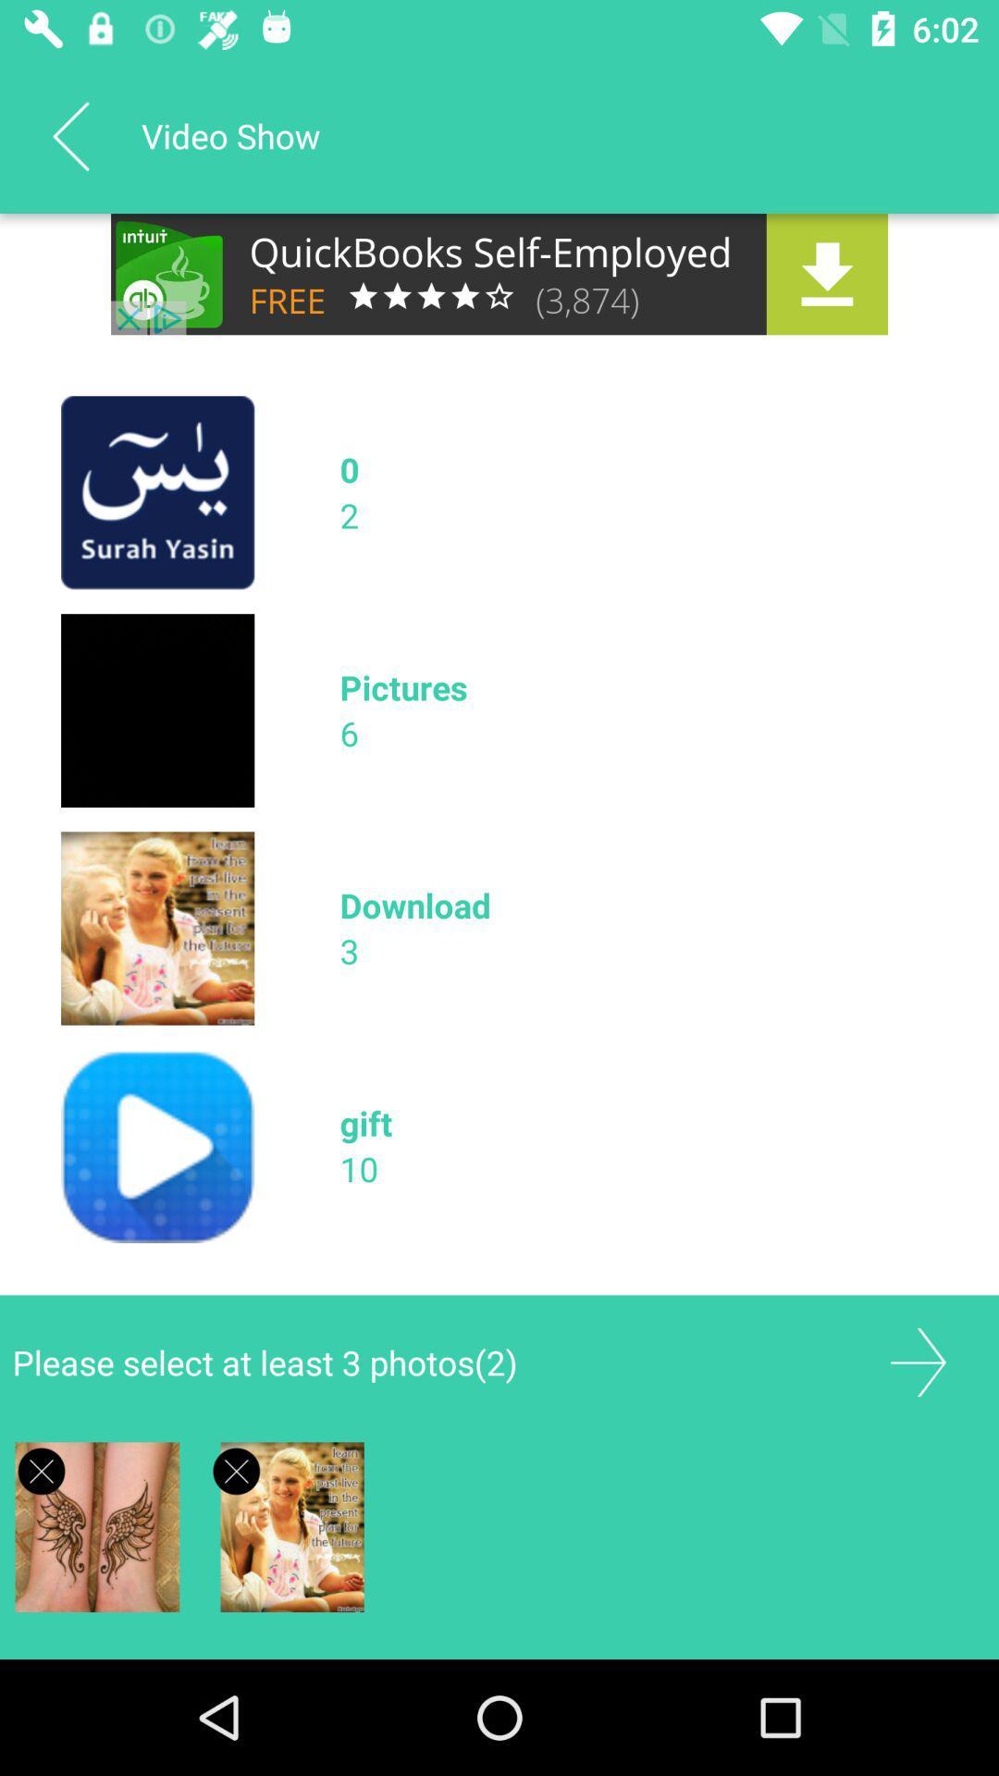 Image resolution: width=999 pixels, height=1776 pixels. What do you see at coordinates (918, 1363) in the screenshot?
I see `next page` at bounding box center [918, 1363].